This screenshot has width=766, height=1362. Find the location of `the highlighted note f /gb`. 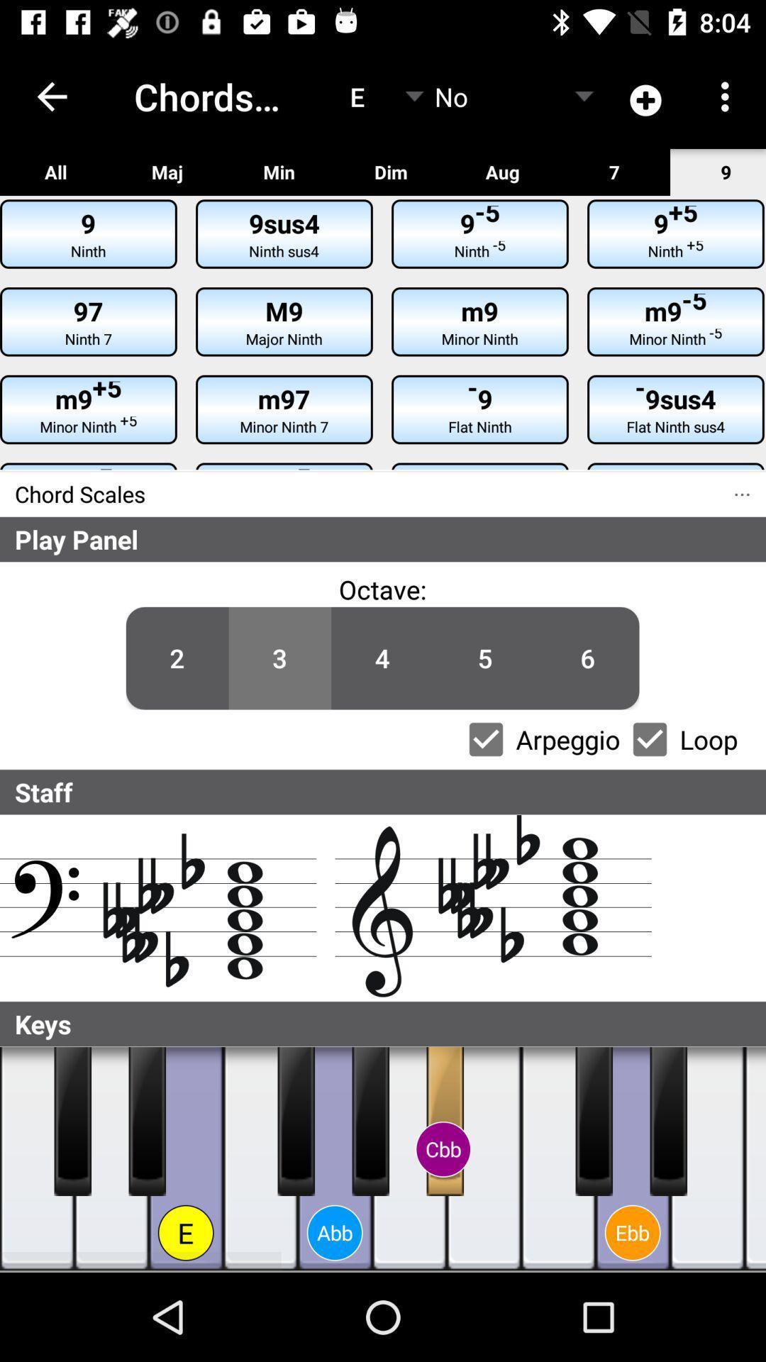

the highlighted note f /gb is located at coordinates (295, 1120).